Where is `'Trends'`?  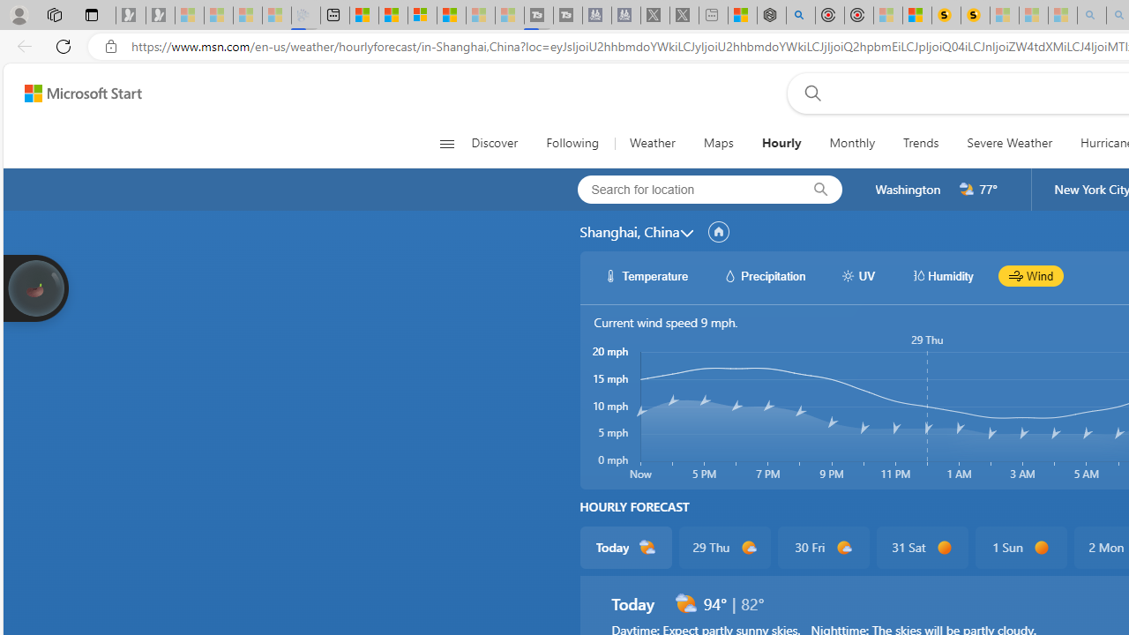 'Trends' is located at coordinates (920, 143).